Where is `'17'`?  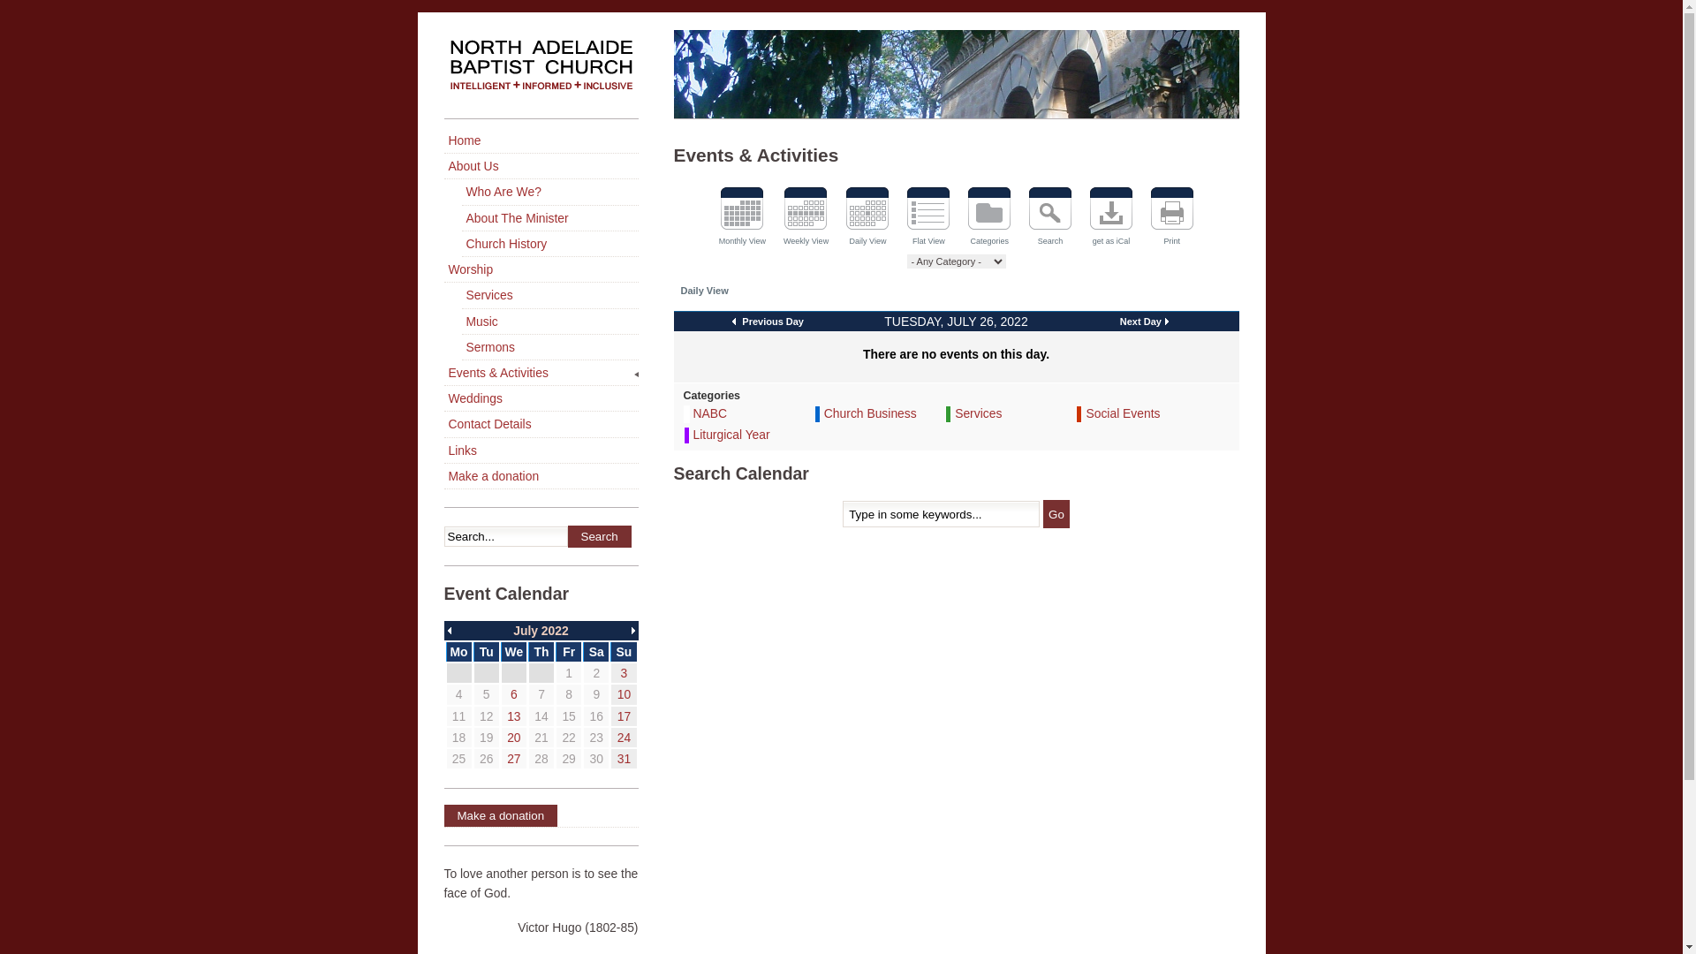
'17' is located at coordinates (624, 715).